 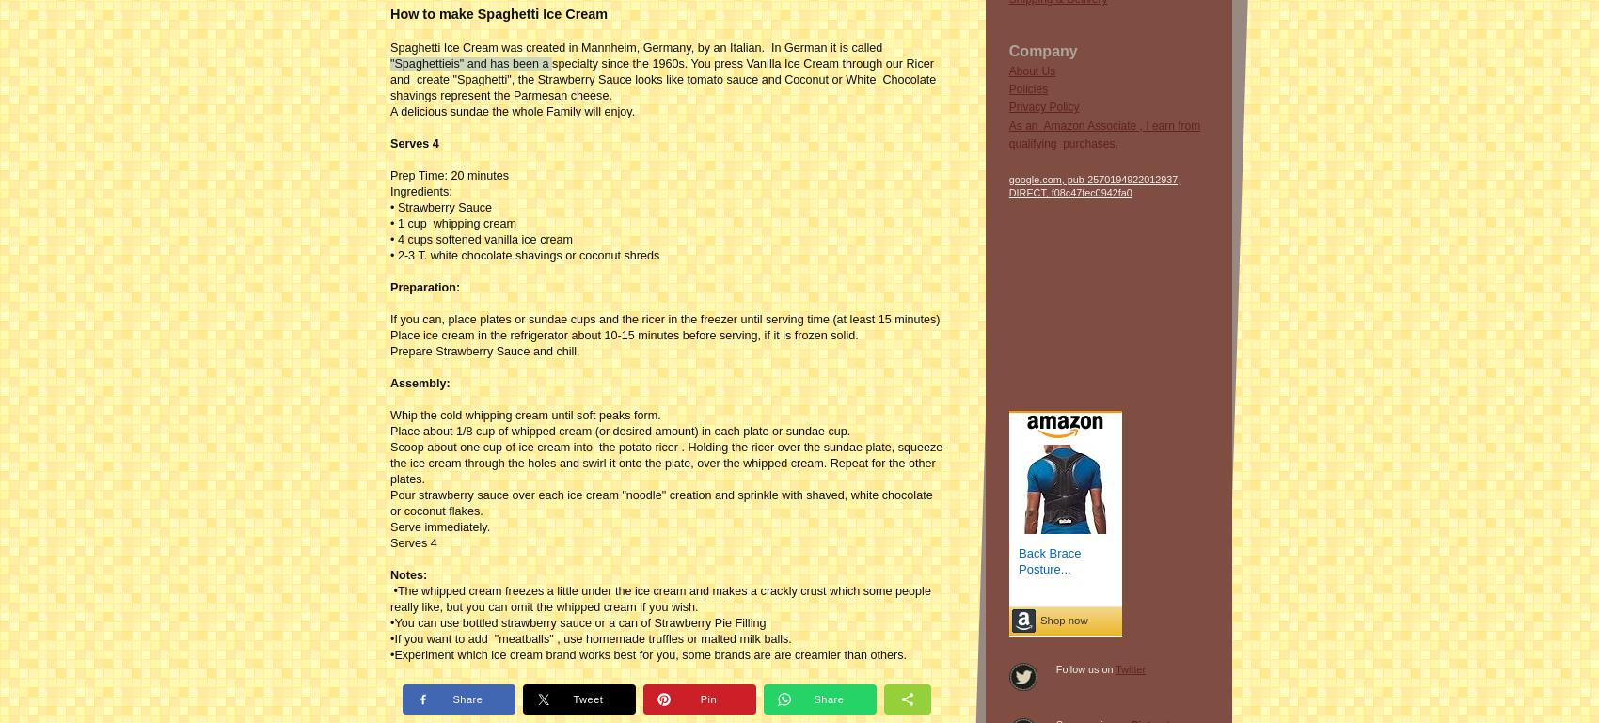 I want to click on 'Scoop about one cup of ice cream into  the potato ricer . Holding the ricer over the sundae plate, squeeze the ice cream through the holes and swirl it onto the plate, over the whipped cream.
Repeat for the other plates.', so click(x=666, y=462).